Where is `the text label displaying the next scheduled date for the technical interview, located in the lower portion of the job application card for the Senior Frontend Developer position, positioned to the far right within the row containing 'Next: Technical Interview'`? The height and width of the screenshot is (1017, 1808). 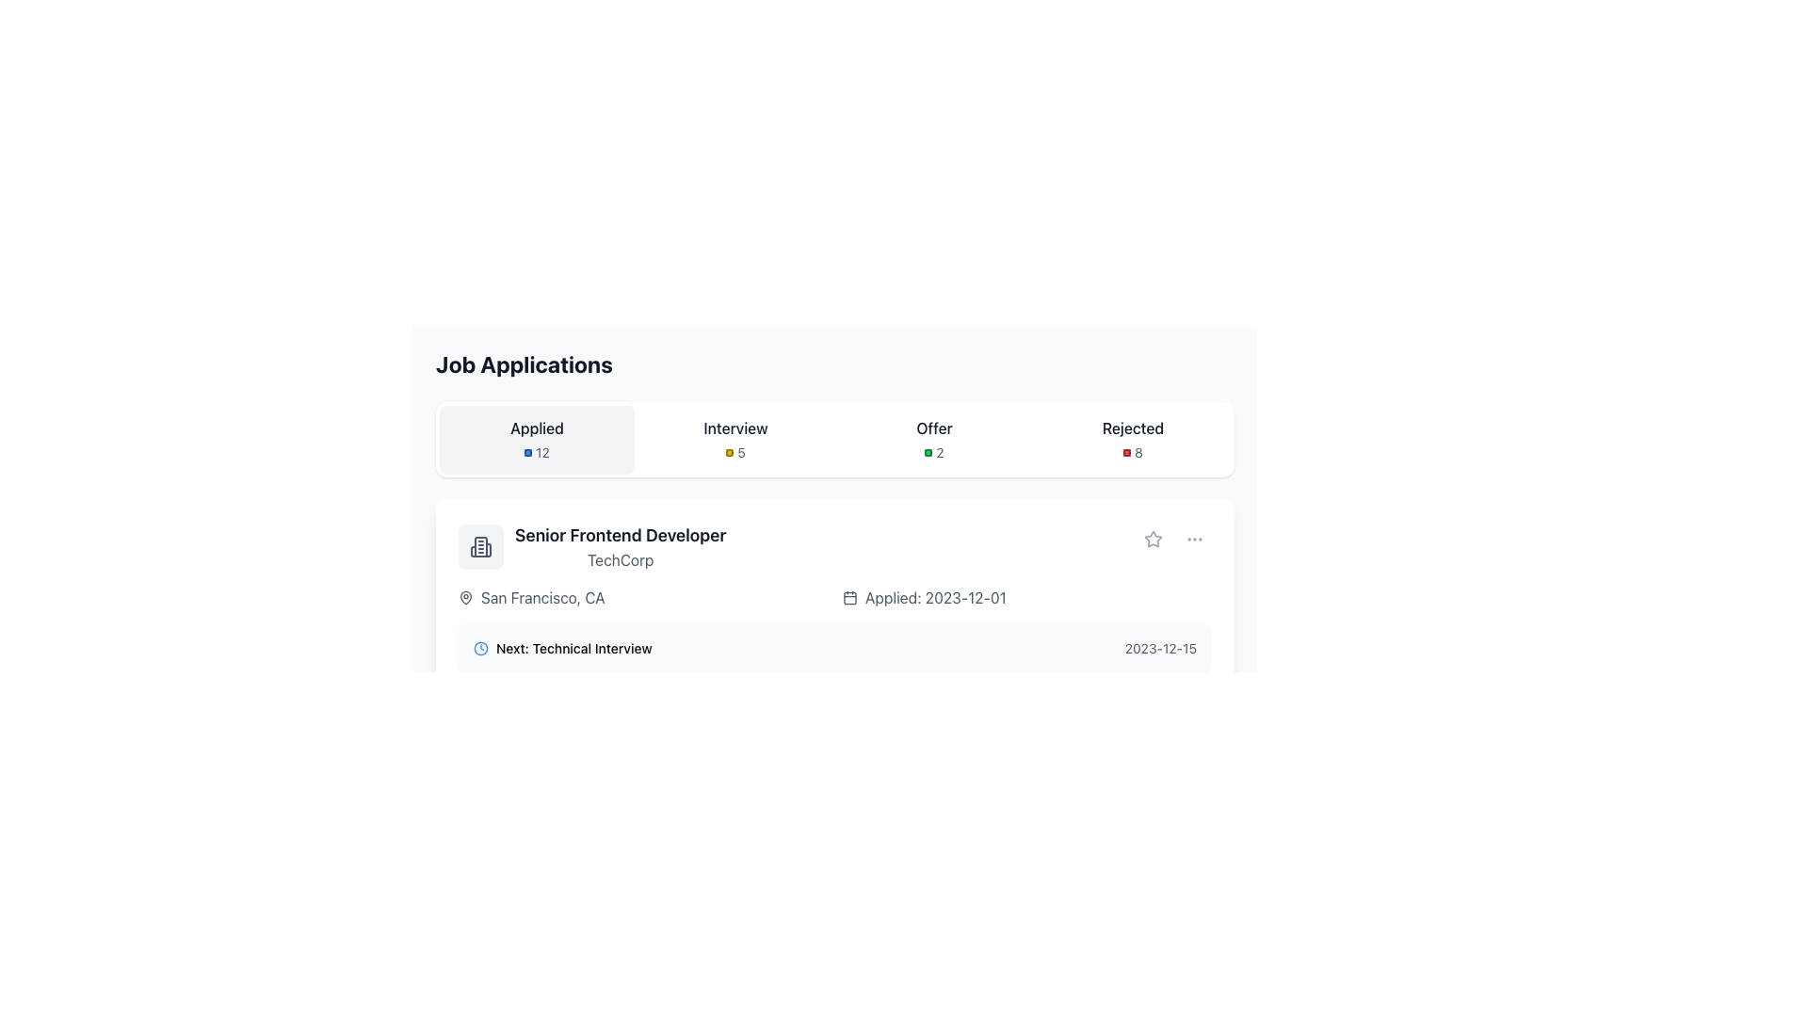 the text label displaying the next scheduled date for the technical interview, located in the lower portion of the job application card for the Senior Frontend Developer position, positioned to the far right within the row containing 'Next: Technical Interview' is located at coordinates (1159, 648).